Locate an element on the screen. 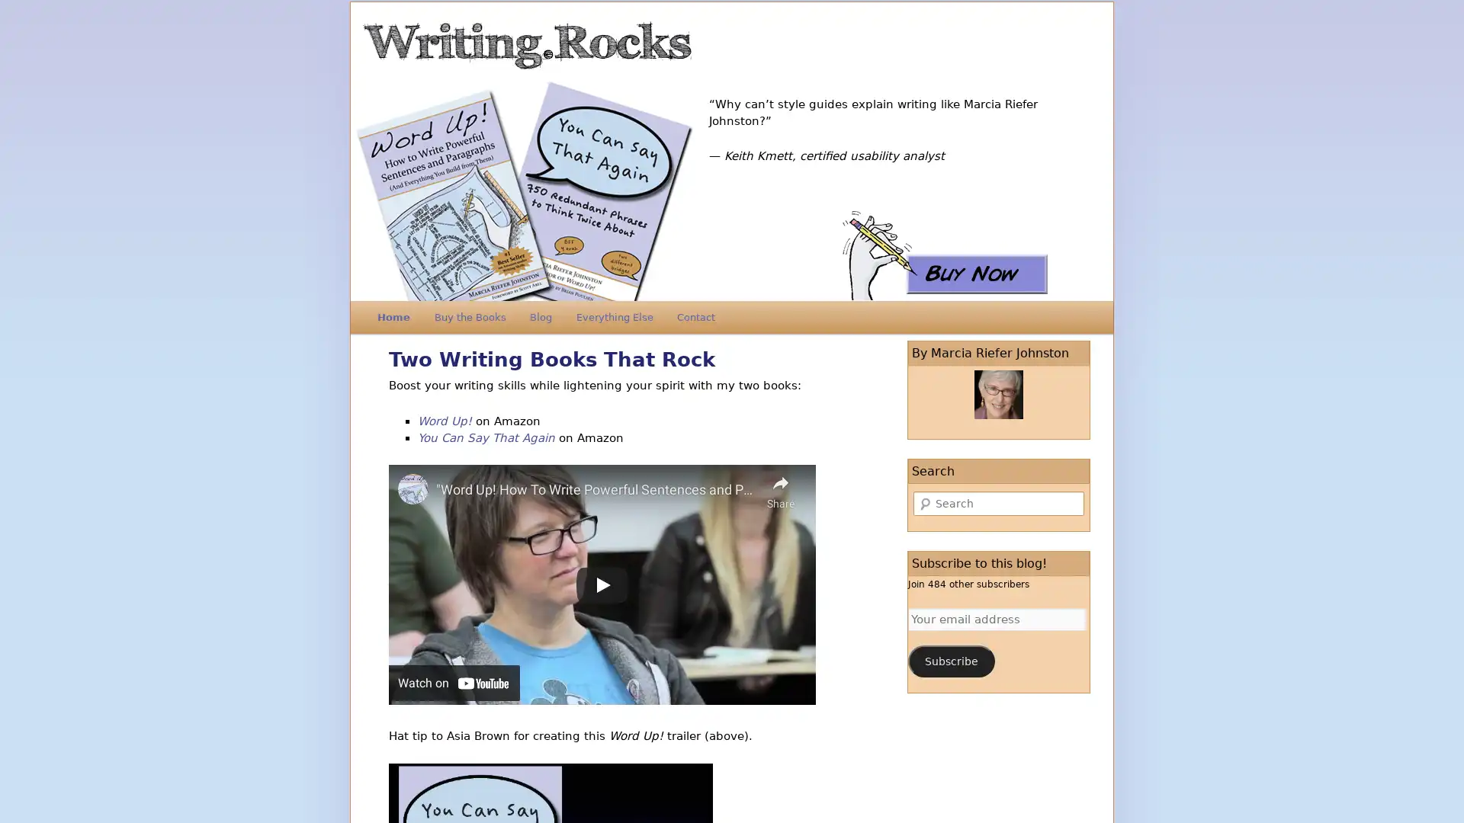 This screenshot has width=1464, height=823. Subscribe is located at coordinates (950, 660).